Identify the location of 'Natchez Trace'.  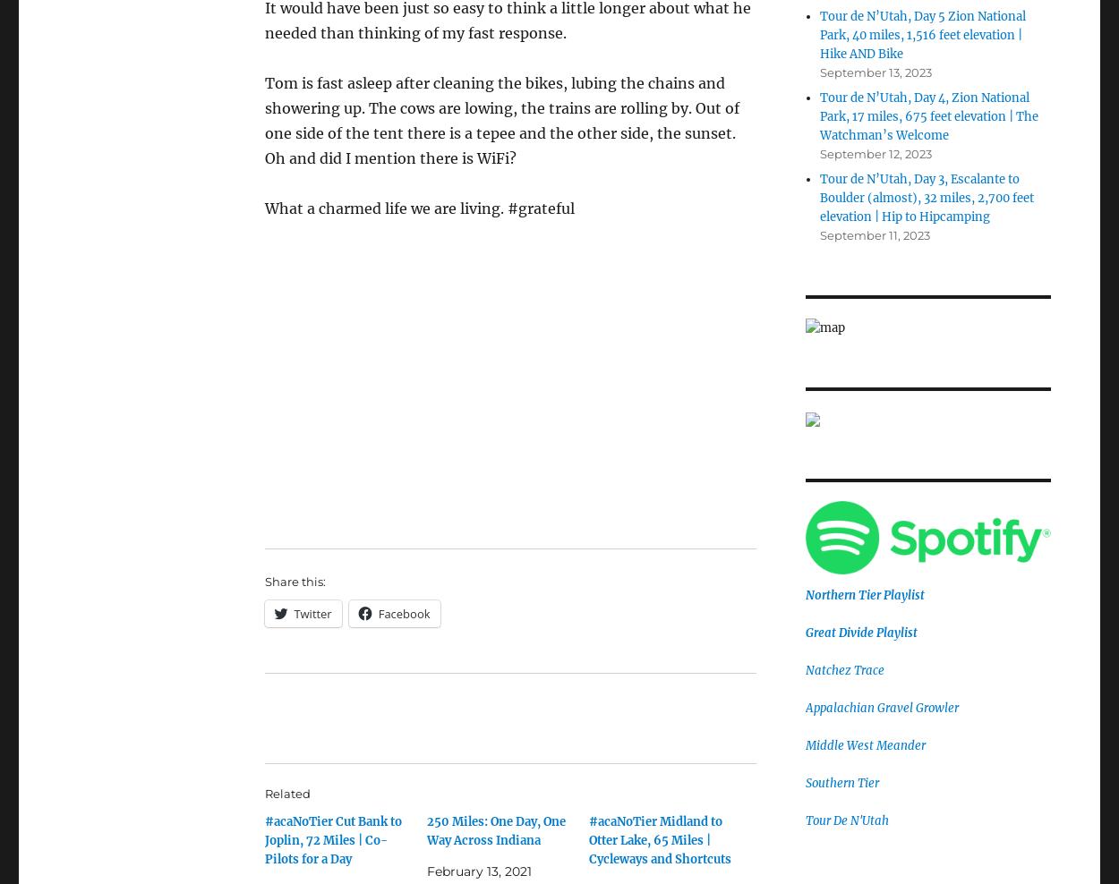
(843, 669).